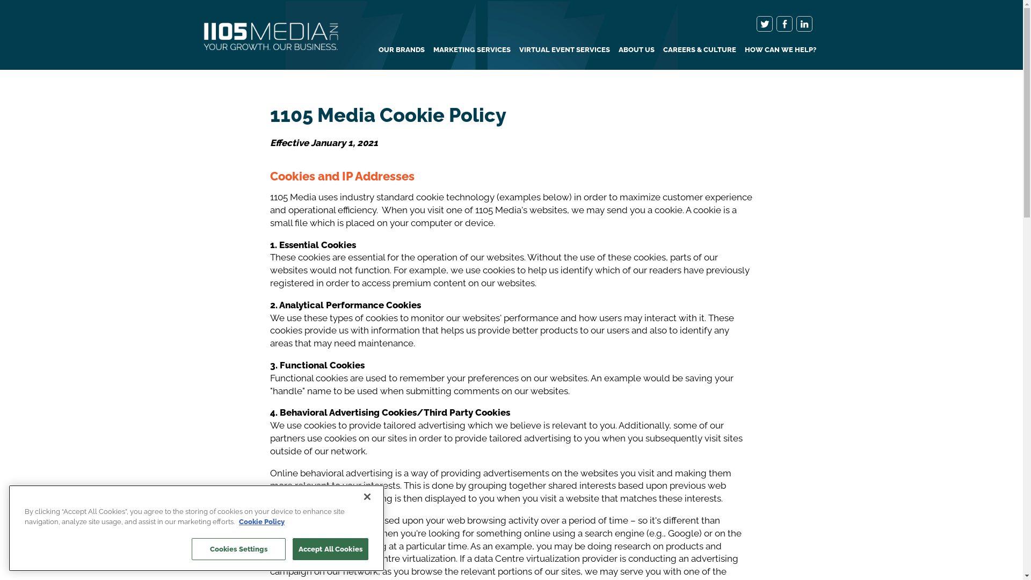 Image resolution: width=1031 pixels, height=580 pixels. Describe the element at coordinates (739, 49) in the screenshot. I see `'HOW CAN WE HELP?'` at that location.